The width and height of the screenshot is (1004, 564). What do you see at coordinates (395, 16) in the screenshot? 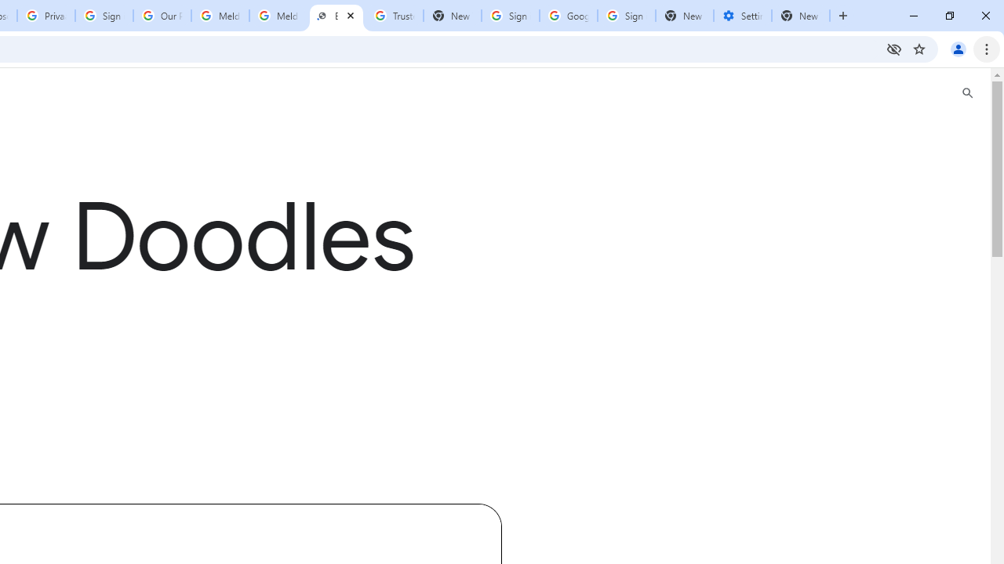
I see `'Trusted Information and Content - Google Safety Center'` at bounding box center [395, 16].